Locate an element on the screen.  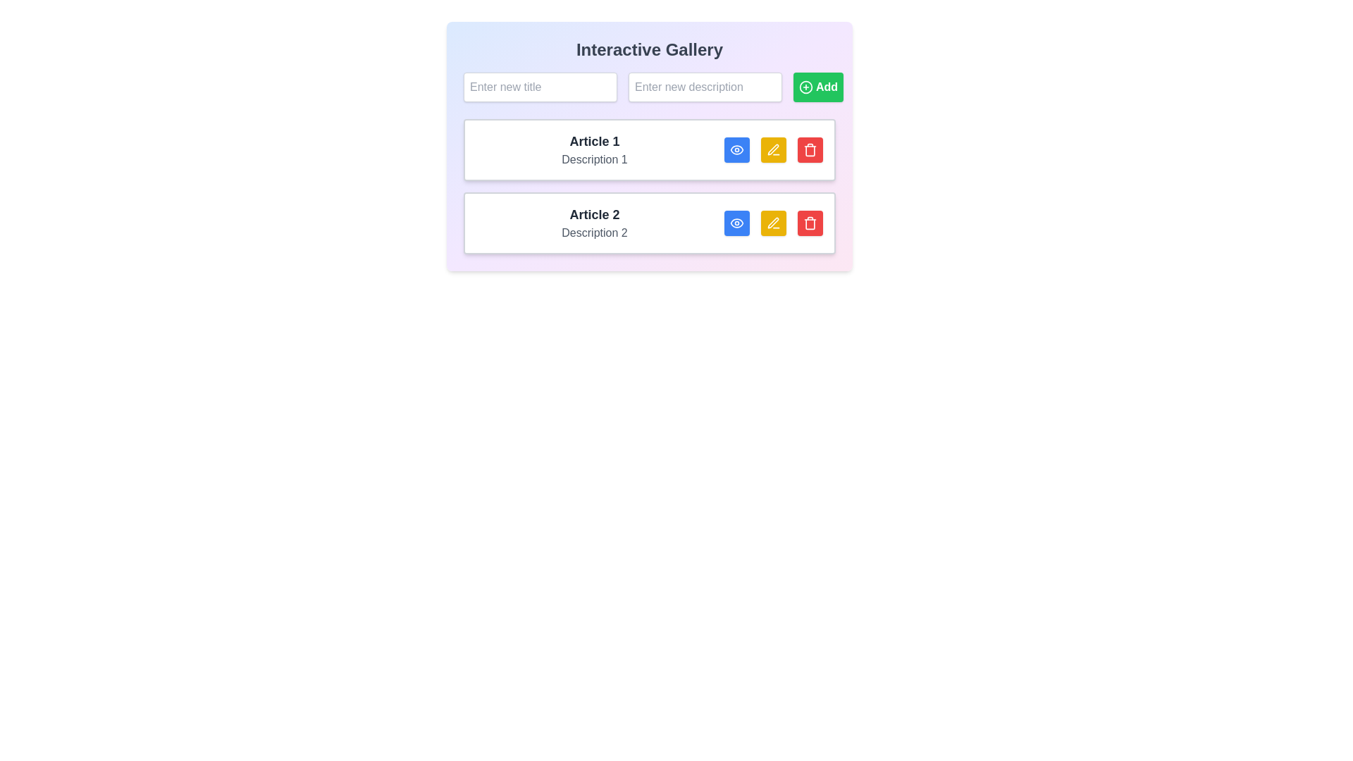
the bold, larger dark gray text label 'Article 2' located at the top of the second card under the 'Interactive Gallery' header is located at coordinates (595, 214).